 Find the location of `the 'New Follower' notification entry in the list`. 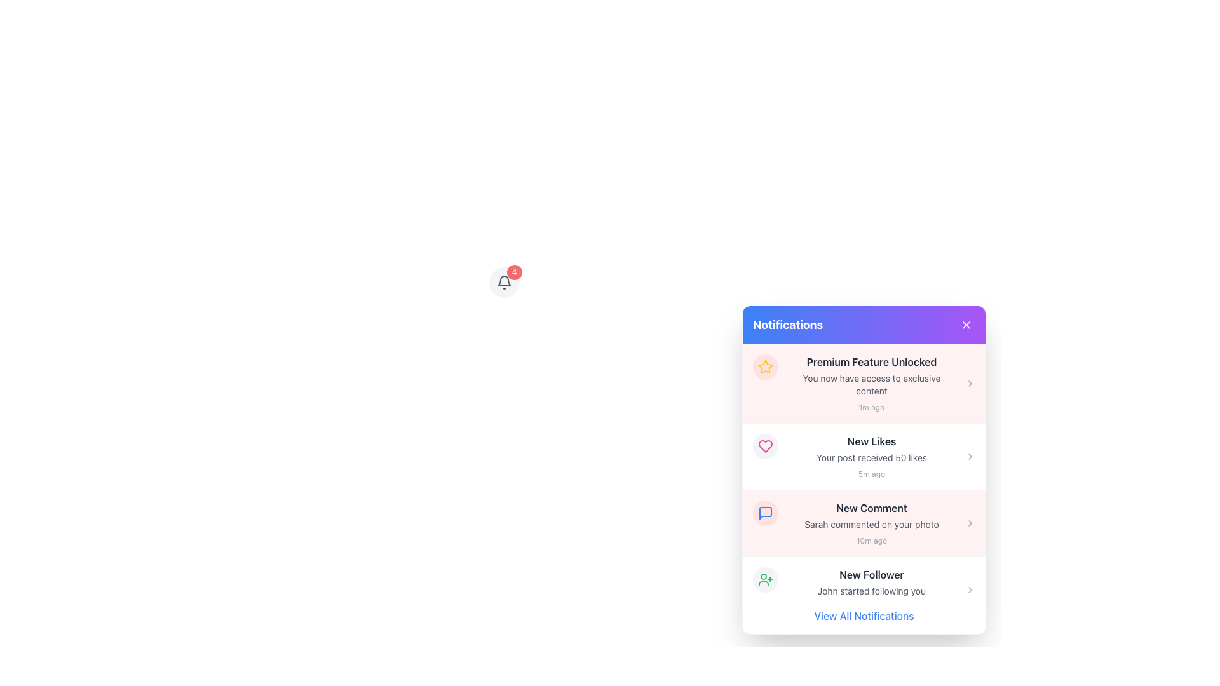

the 'New Follower' notification entry in the list is located at coordinates (864, 590).